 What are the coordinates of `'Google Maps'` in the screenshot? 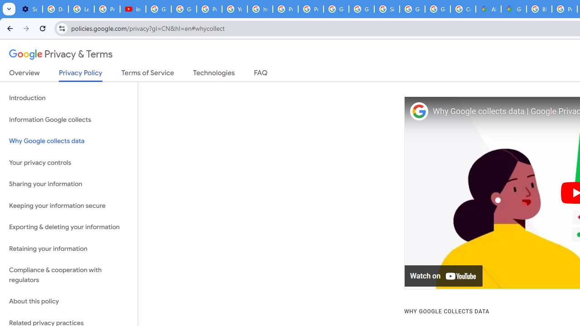 It's located at (514, 9).